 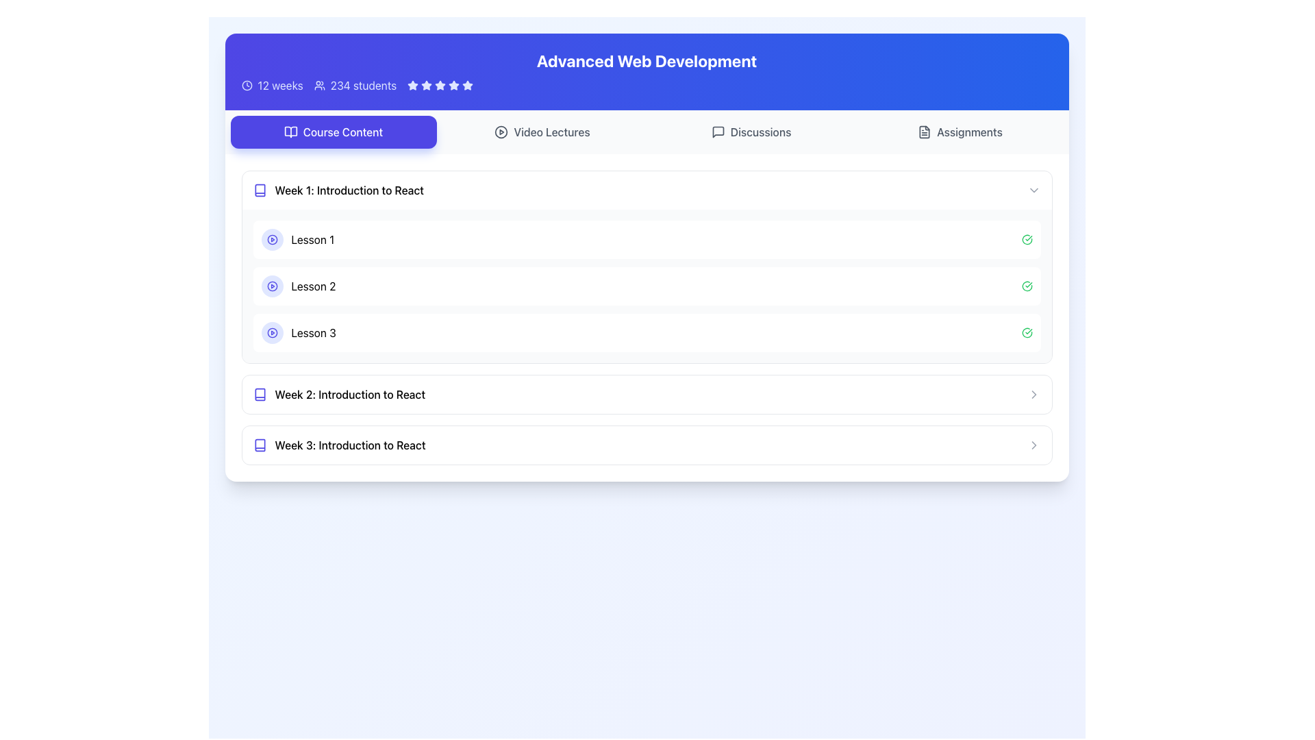 I want to click on the fourth star icon representing the fourth level of the rating system, located on the top right of the central header section, under the course title and beside the student count, so click(x=440, y=85).